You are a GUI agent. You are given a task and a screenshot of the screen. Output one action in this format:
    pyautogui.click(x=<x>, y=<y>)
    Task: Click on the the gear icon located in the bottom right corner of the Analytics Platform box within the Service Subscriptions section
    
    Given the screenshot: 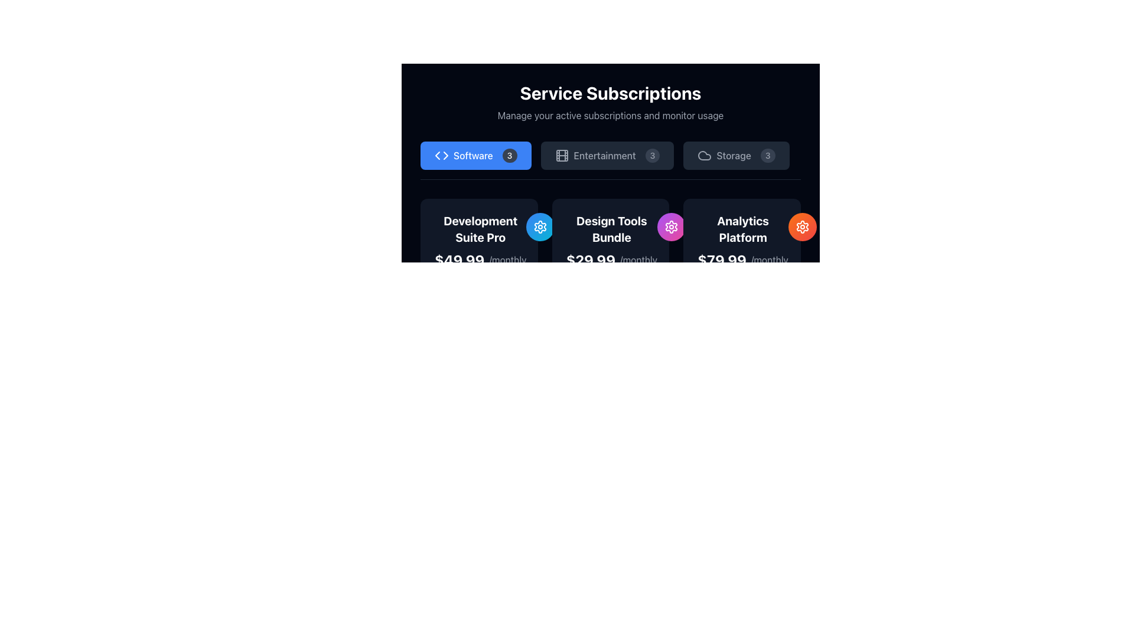 What is the action you would take?
    pyautogui.click(x=672, y=227)
    